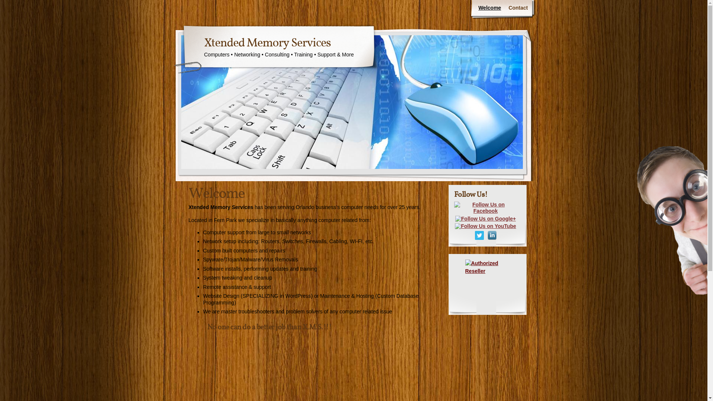 This screenshot has height=401, width=713. What do you see at coordinates (492, 235) in the screenshot?
I see `'Follow Us on LinkedIn'` at bounding box center [492, 235].